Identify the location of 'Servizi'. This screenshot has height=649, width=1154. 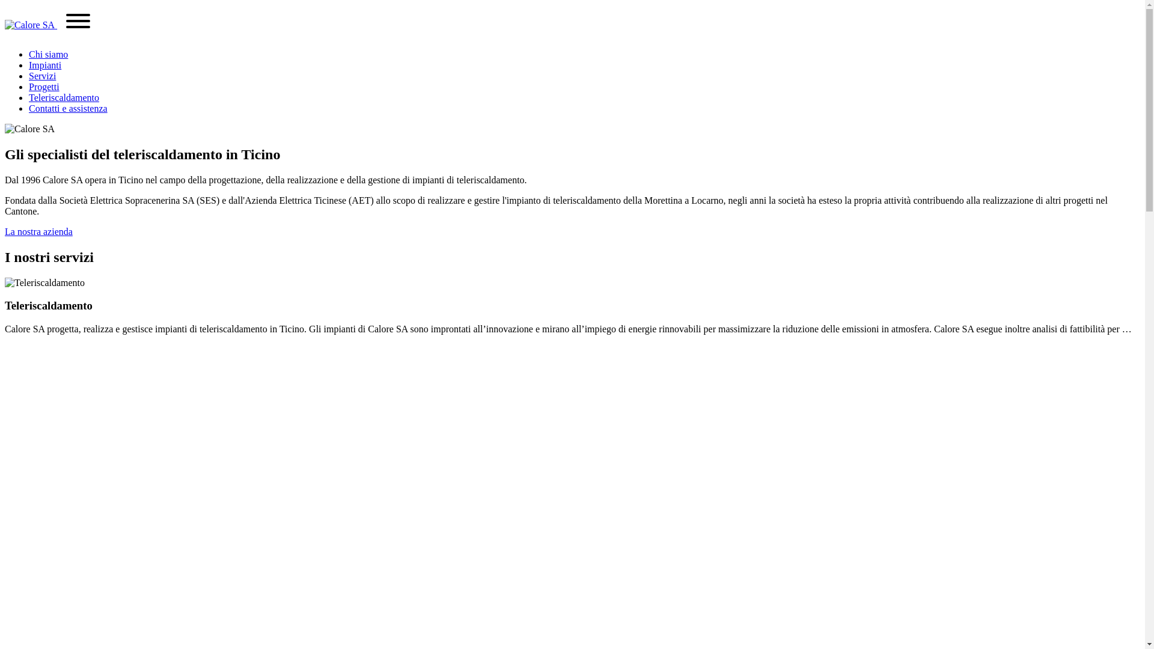
(42, 76).